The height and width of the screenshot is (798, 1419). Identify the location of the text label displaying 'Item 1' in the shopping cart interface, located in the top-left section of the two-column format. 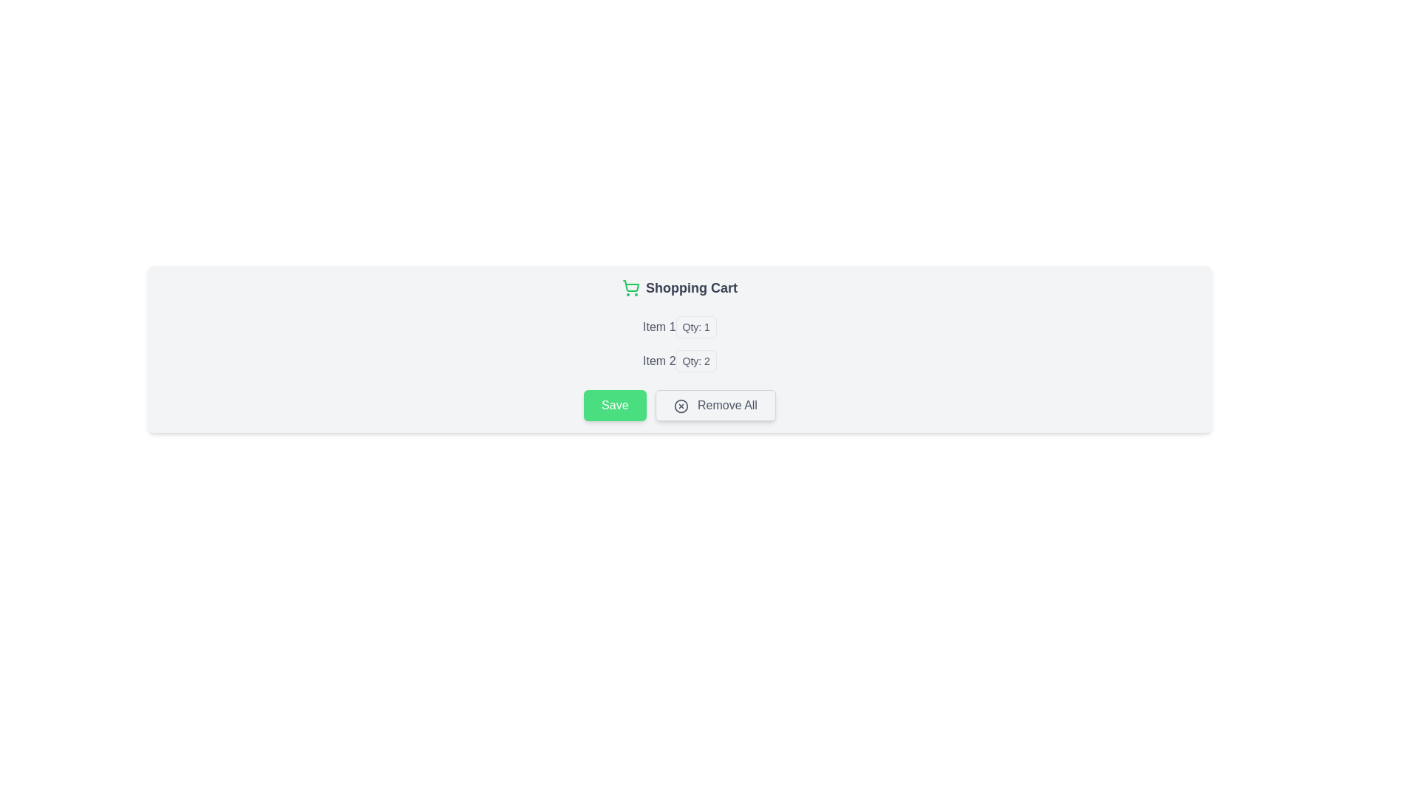
(659, 327).